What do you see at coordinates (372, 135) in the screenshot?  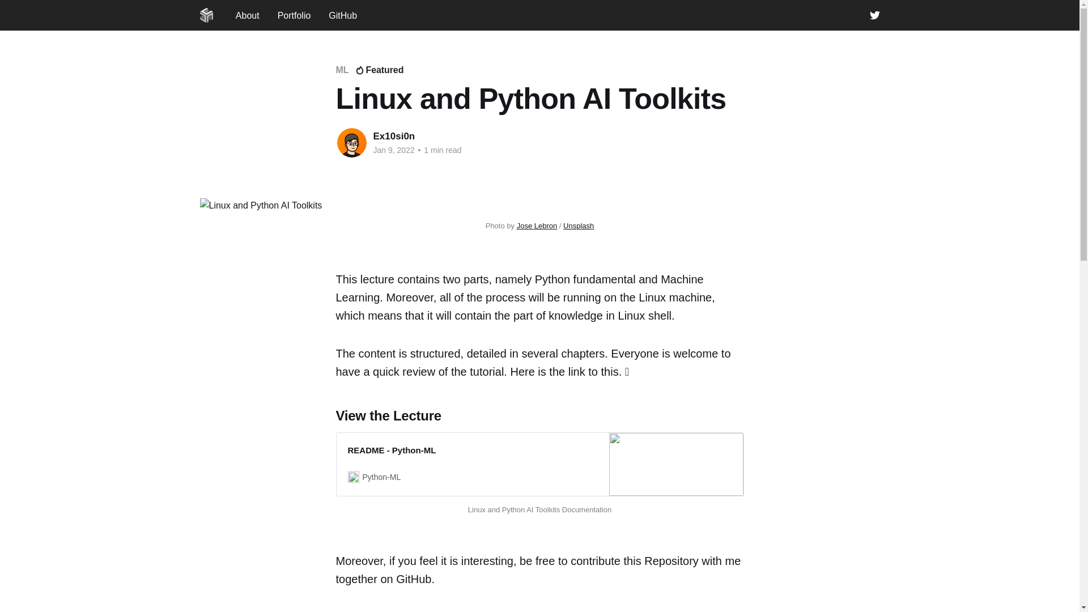 I see `'Ex10si0n'` at bounding box center [372, 135].